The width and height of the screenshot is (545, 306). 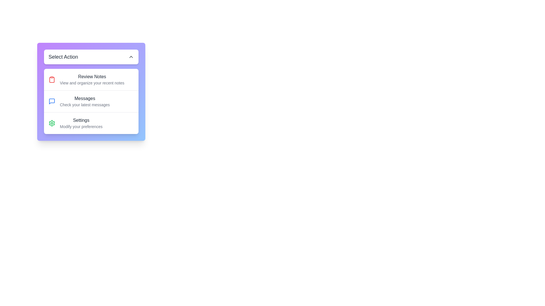 I want to click on the icon representing the 'Review Notes' option, which is located to the left of the text 'Review Notes' in the first row of options, so click(x=52, y=80).